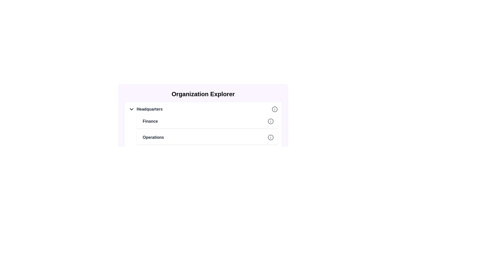 Image resolution: width=484 pixels, height=272 pixels. I want to click on the 'Headquarters' text label in the Organization Explorer list, so click(145, 109).